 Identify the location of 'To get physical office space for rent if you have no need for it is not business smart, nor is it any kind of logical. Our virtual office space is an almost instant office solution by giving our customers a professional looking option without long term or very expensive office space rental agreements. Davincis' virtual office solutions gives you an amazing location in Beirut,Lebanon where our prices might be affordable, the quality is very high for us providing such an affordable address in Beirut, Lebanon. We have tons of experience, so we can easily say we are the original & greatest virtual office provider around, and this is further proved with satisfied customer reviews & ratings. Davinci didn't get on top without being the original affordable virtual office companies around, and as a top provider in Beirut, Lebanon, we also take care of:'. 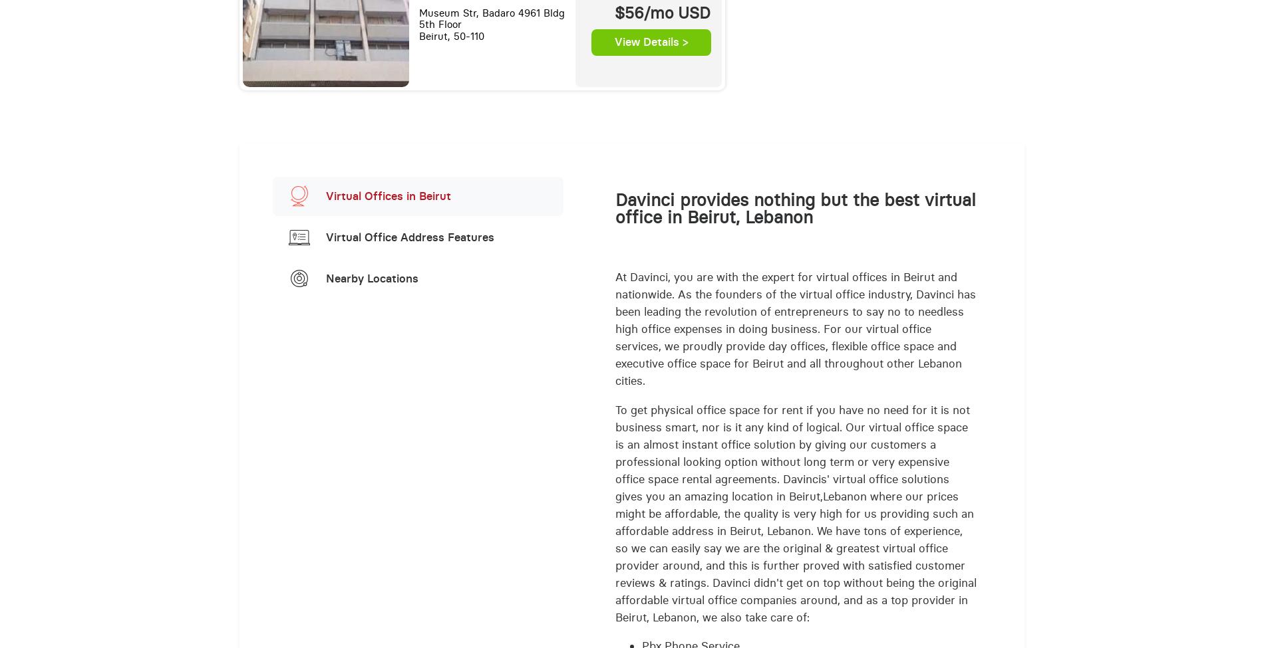
(795, 512).